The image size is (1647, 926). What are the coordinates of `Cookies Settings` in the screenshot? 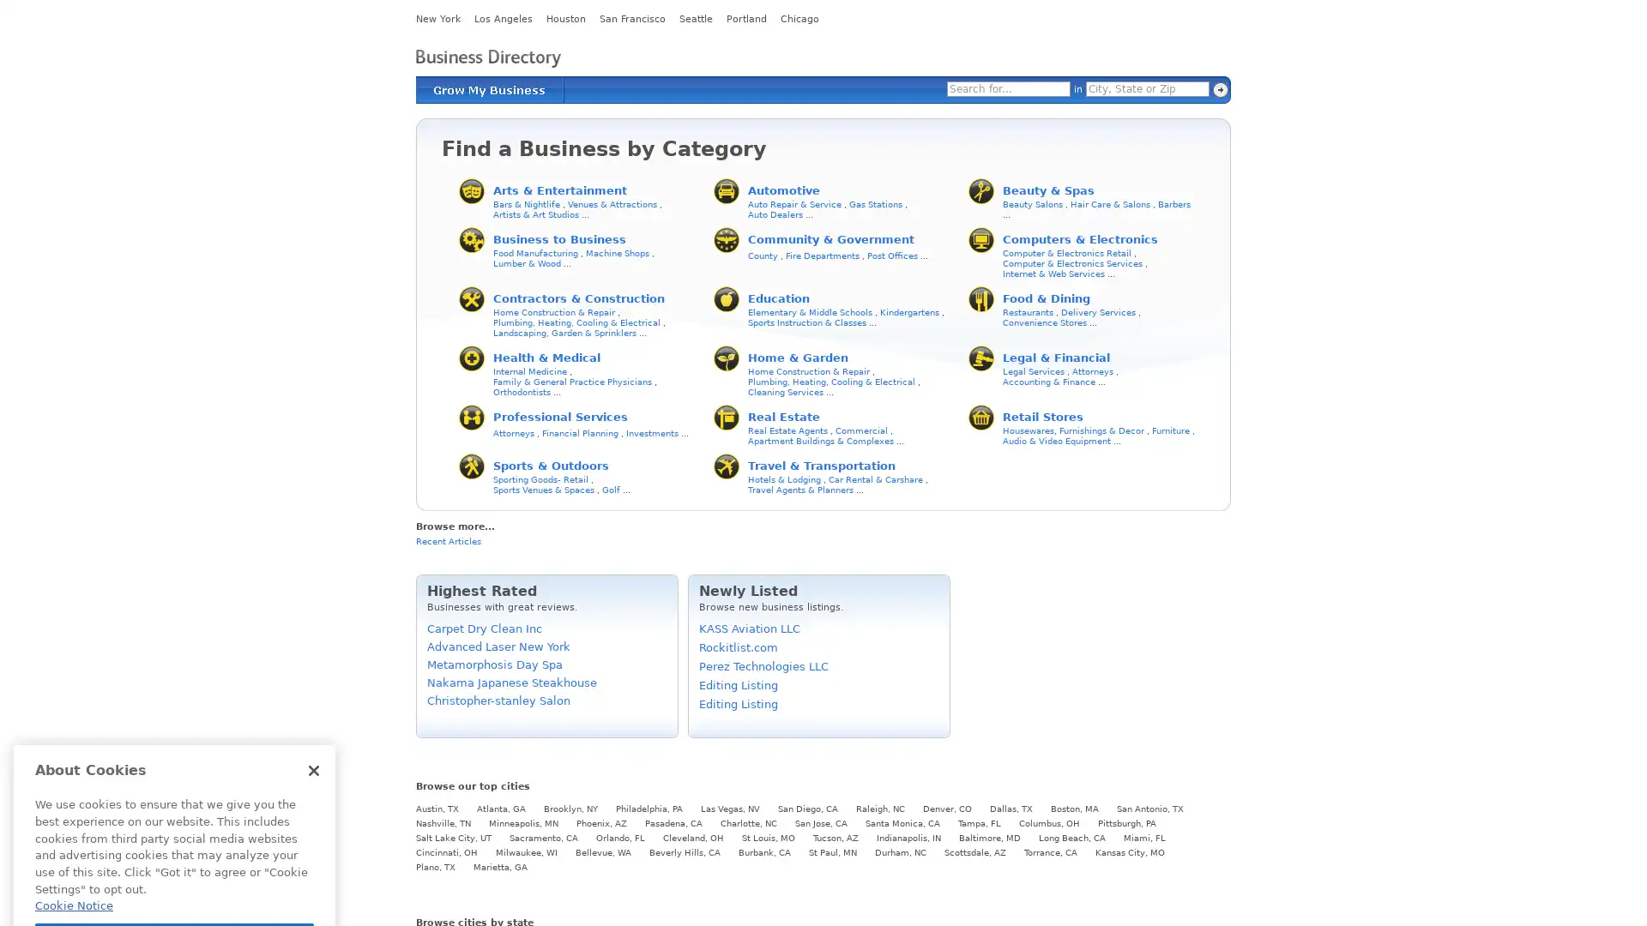 It's located at (174, 859).